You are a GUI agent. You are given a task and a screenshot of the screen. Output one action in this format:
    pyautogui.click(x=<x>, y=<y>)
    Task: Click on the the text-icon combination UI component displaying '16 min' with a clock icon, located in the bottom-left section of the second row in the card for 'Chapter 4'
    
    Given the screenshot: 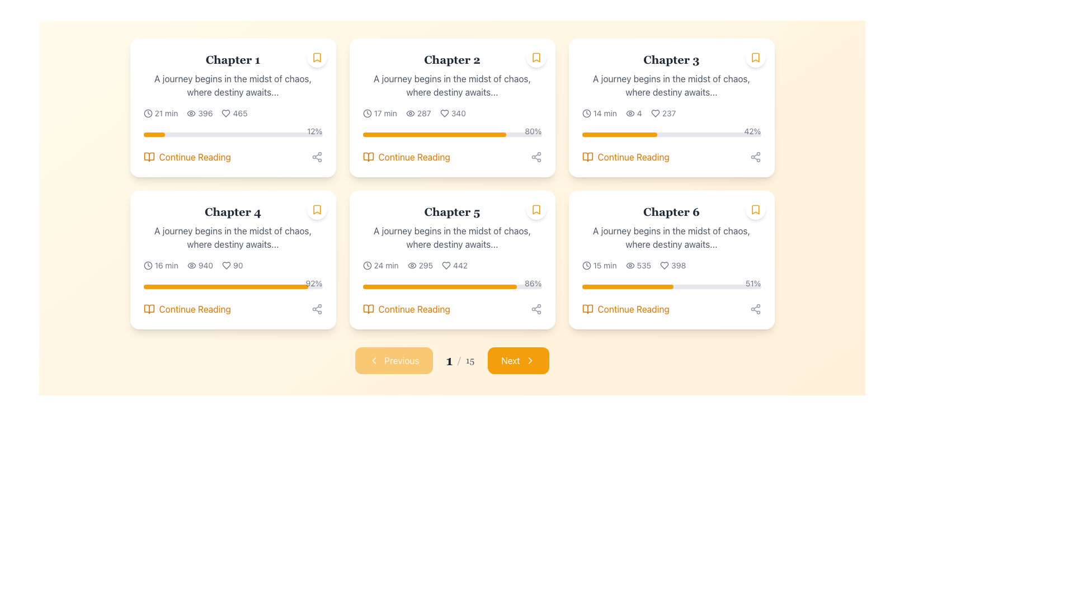 What is the action you would take?
    pyautogui.click(x=160, y=265)
    